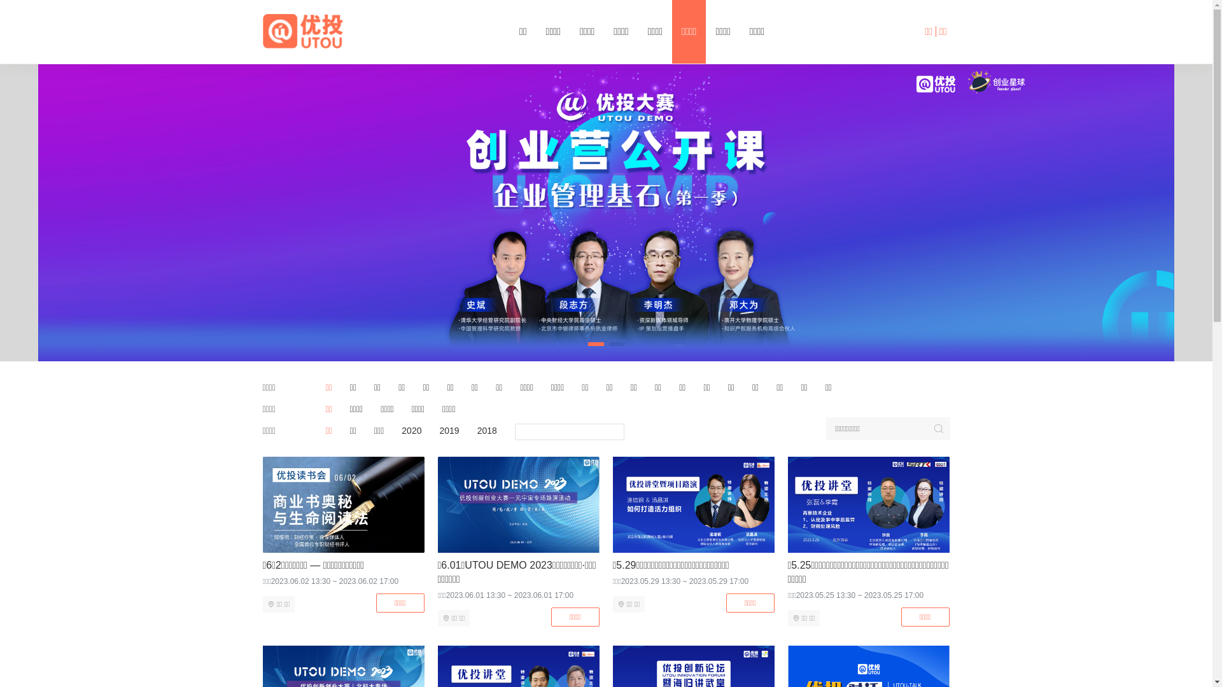  Describe the element at coordinates (439, 430) in the screenshot. I see `'2019'` at that location.